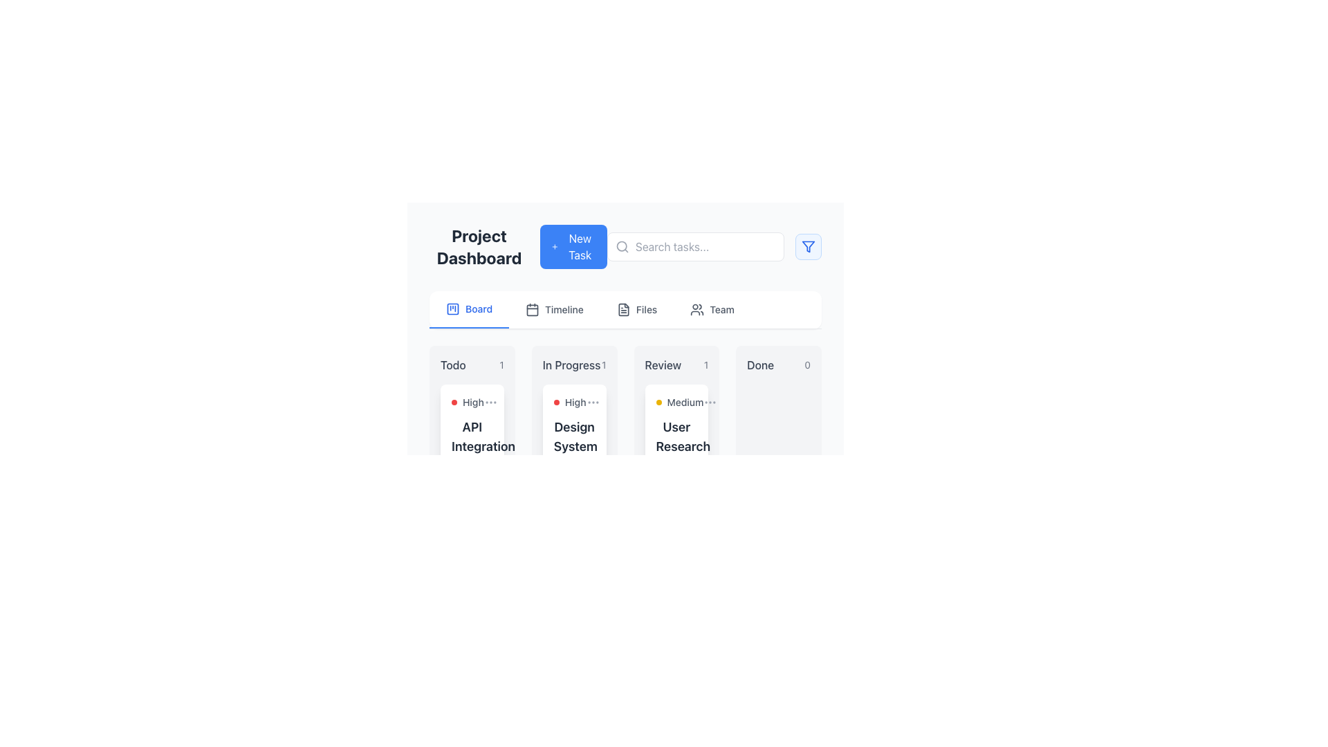 The width and height of the screenshot is (1328, 747). What do you see at coordinates (680, 403) in the screenshot?
I see `the 'Medium' priority label with an adjacent yellow dot located in the 'Review' column under the 'User Research' task card` at bounding box center [680, 403].